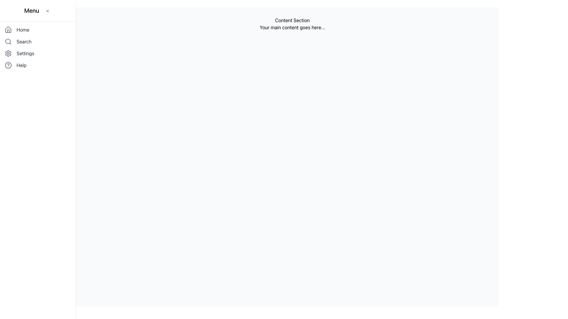  Describe the element at coordinates (23, 30) in the screenshot. I see `the 'Home' text label in the side menu, which is displayed in dark gray font and is positioned next to a house icon as the first menu item under 'Menu'` at that location.